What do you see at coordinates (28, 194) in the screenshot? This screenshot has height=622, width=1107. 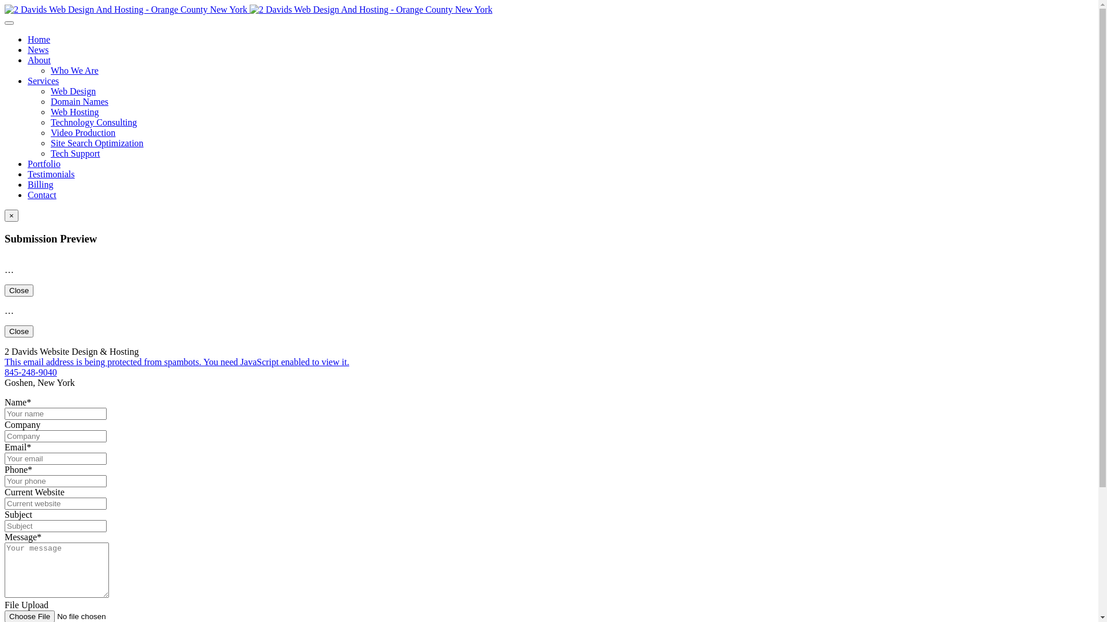 I see `'Contact'` at bounding box center [28, 194].